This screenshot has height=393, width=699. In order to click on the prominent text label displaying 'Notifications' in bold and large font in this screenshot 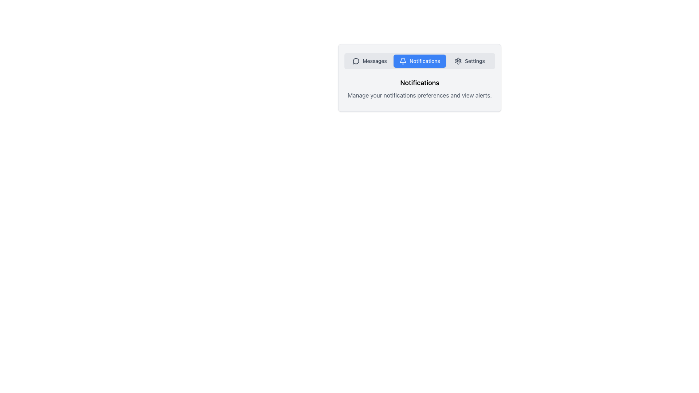, I will do `click(419, 82)`.